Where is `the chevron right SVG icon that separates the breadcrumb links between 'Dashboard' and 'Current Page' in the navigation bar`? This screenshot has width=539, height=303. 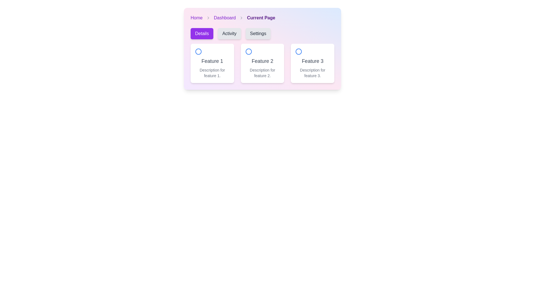 the chevron right SVG icon that separates the breadcrumb links between 'Dashboard' and 'Current Page' in the navigation bar is located at coordinates (241, 18).